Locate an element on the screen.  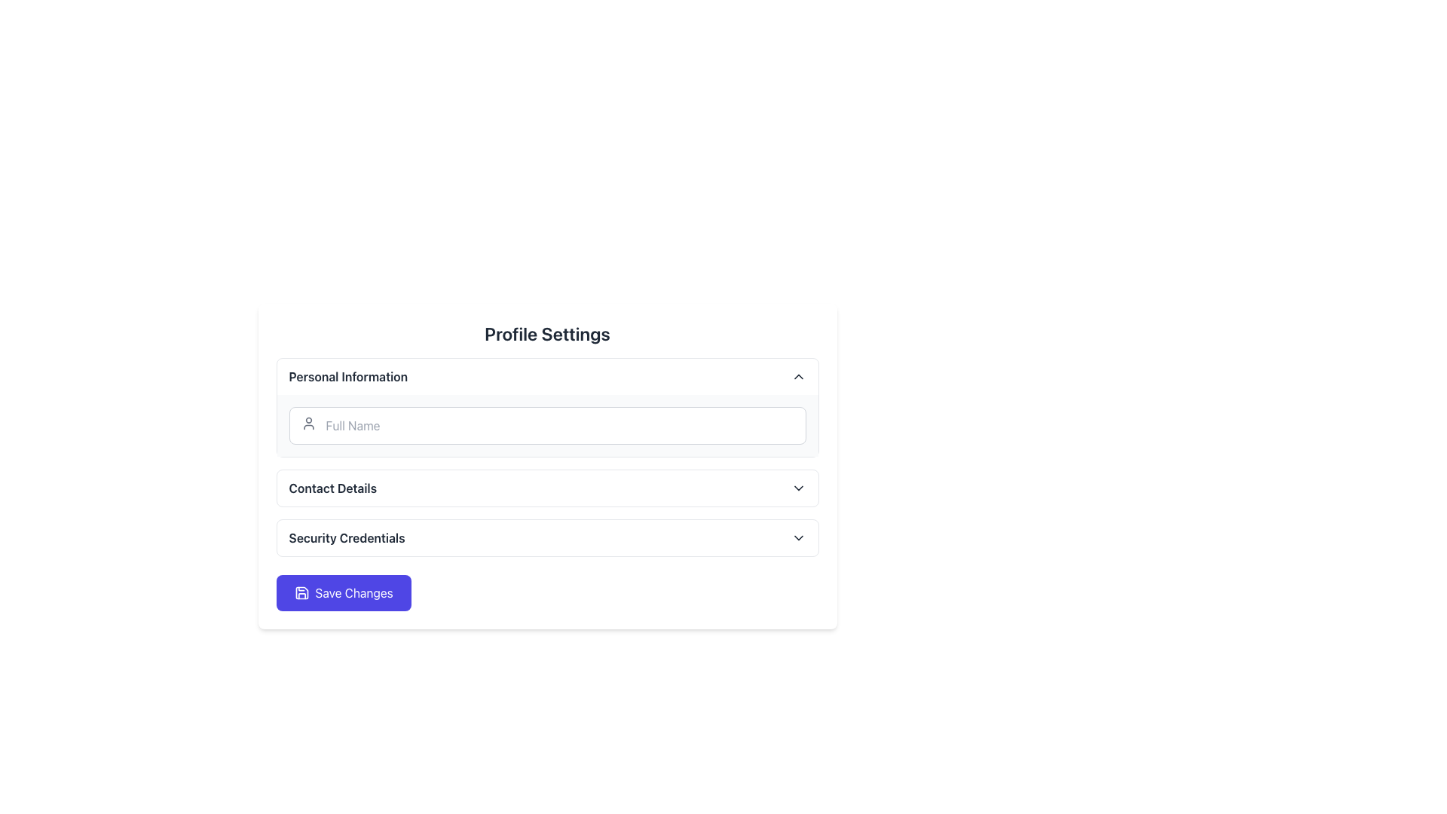
the 'Save Changes' button located at the bottom of the 'Profile Settings' form to confirm and submit updates is located at coordinates (343, 592).